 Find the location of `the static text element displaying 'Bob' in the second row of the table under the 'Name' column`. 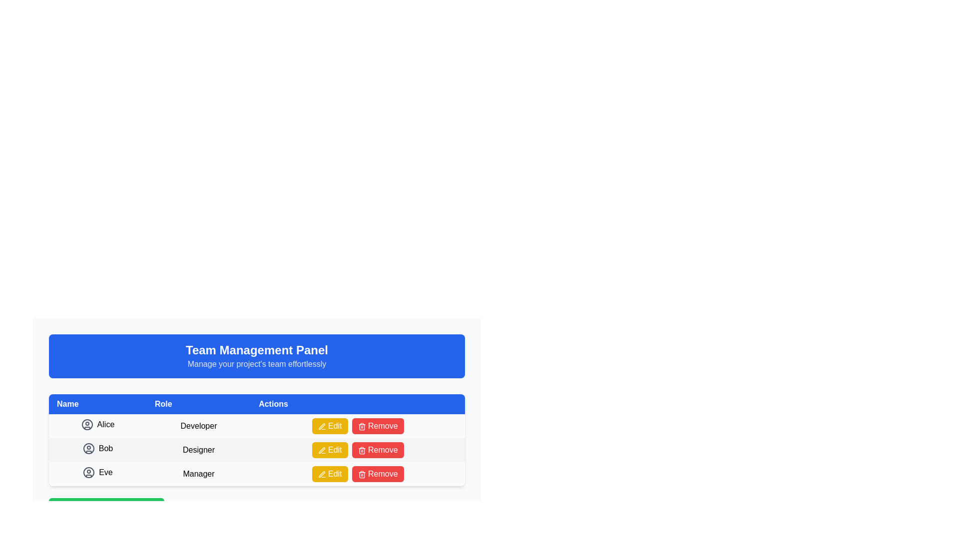

the static text element displaying 'Bob' in the second row of the table under the 'Name' column is located at coordinates (105, 448).